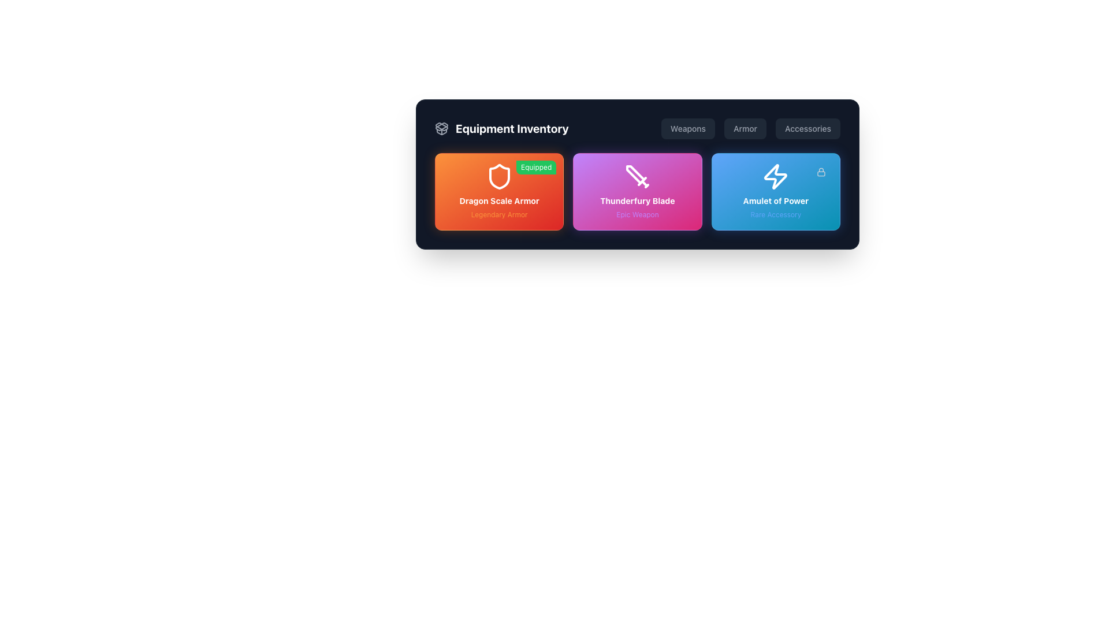 The image size is (1109, 624). I want to click on the icon representing 'Dragon Scale Armor' located on the orange card in the 'Equipment Inventory' section, positioned to the left of the 'Thunderfury Blade' card, so click(499, 176).